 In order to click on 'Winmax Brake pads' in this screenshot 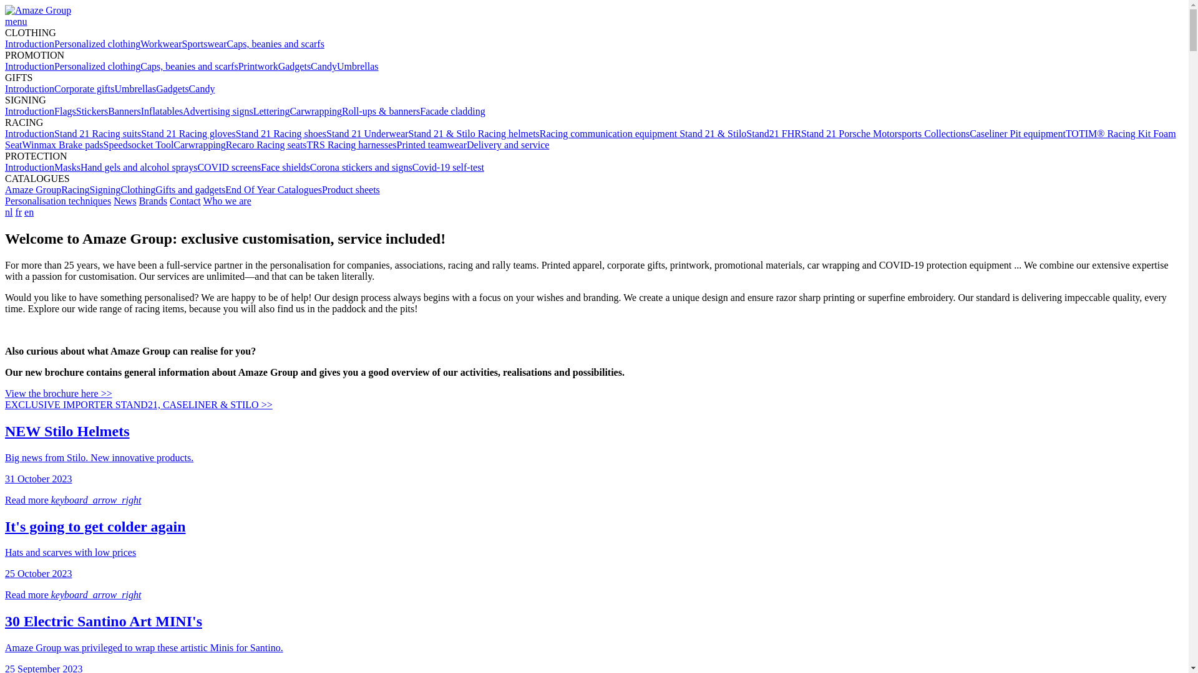, I will do `click(22, 144)`.